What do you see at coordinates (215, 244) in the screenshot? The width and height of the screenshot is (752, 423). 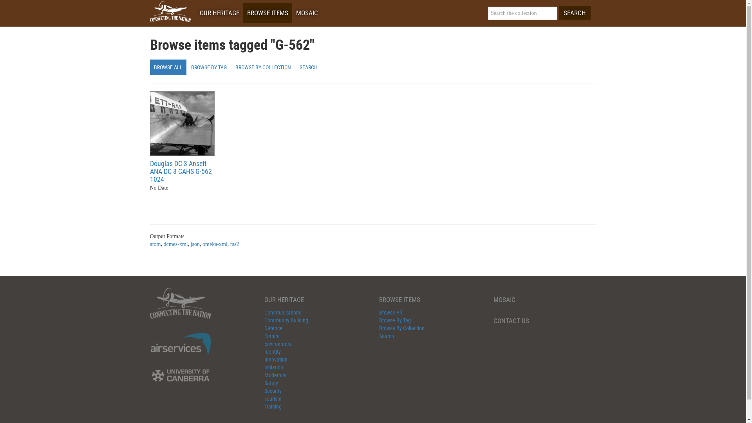 I see `'omeka-xml'` at bounding box center [215, 244].